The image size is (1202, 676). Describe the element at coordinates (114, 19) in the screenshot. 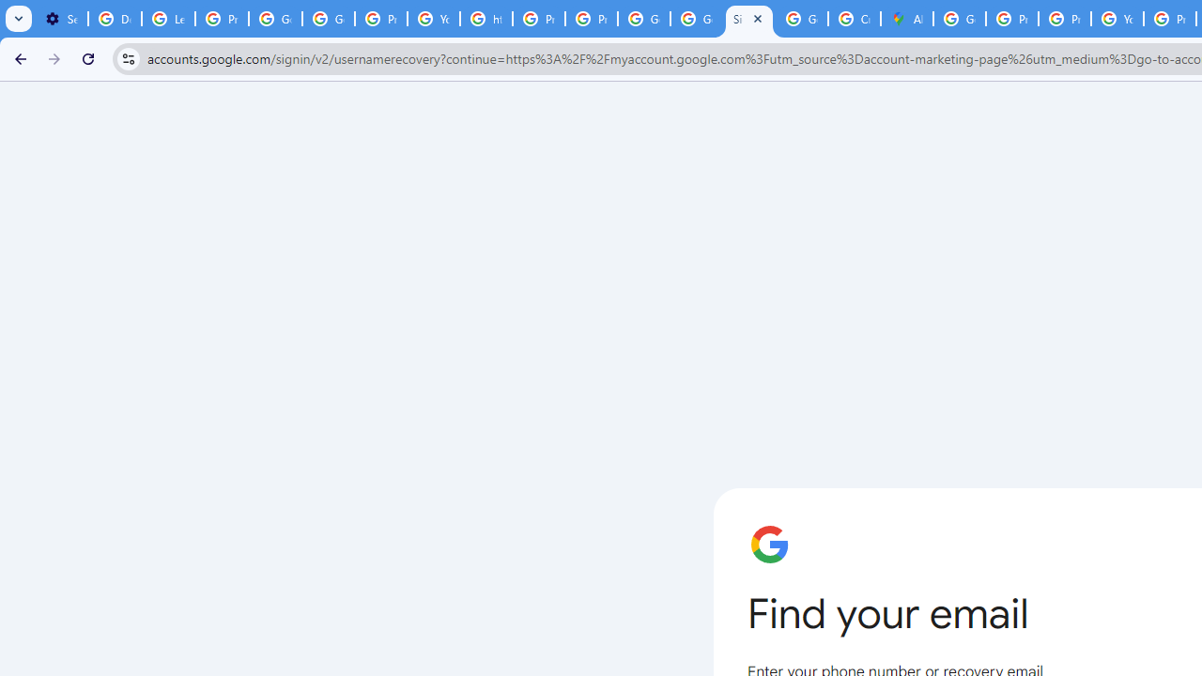

I see `'Delete photos & videos - Computer - Google Photos Help'` at that location.